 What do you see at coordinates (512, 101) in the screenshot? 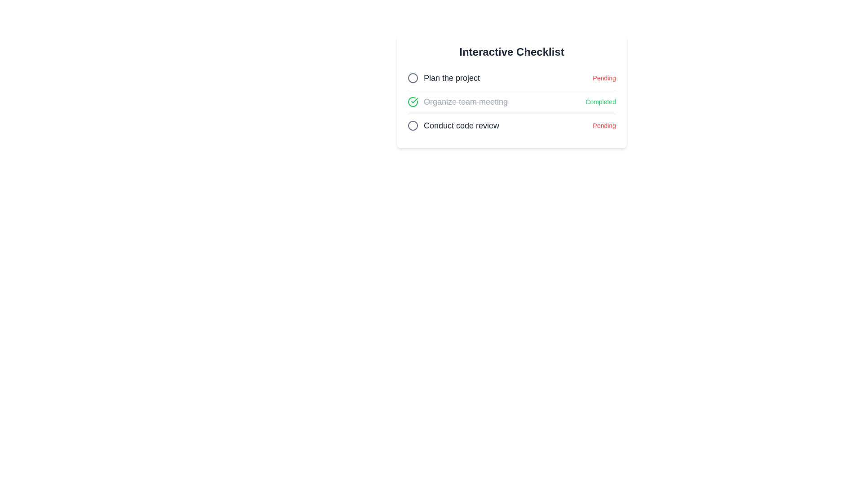
I see `the checklist item titled 'Organize team meeting' with the status 'Completed'` at bounding box center [512, 101].